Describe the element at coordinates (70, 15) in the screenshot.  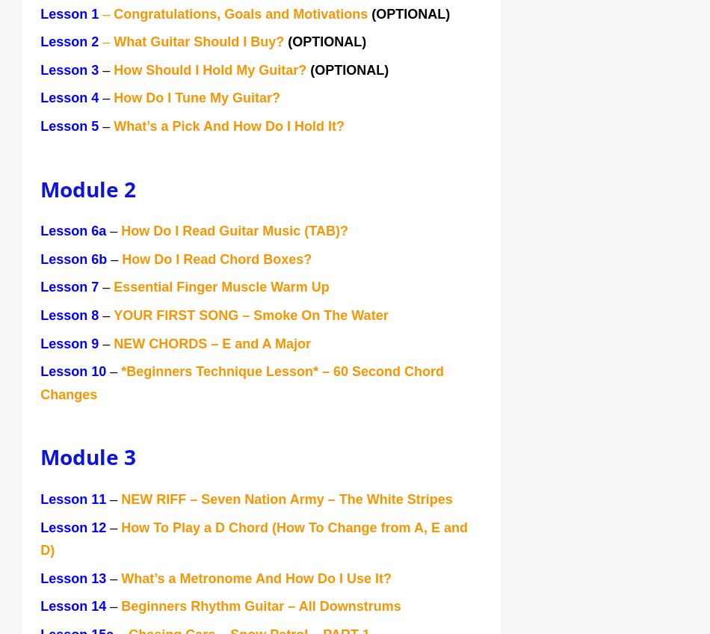
I see `'Lesson 1'` at that location.